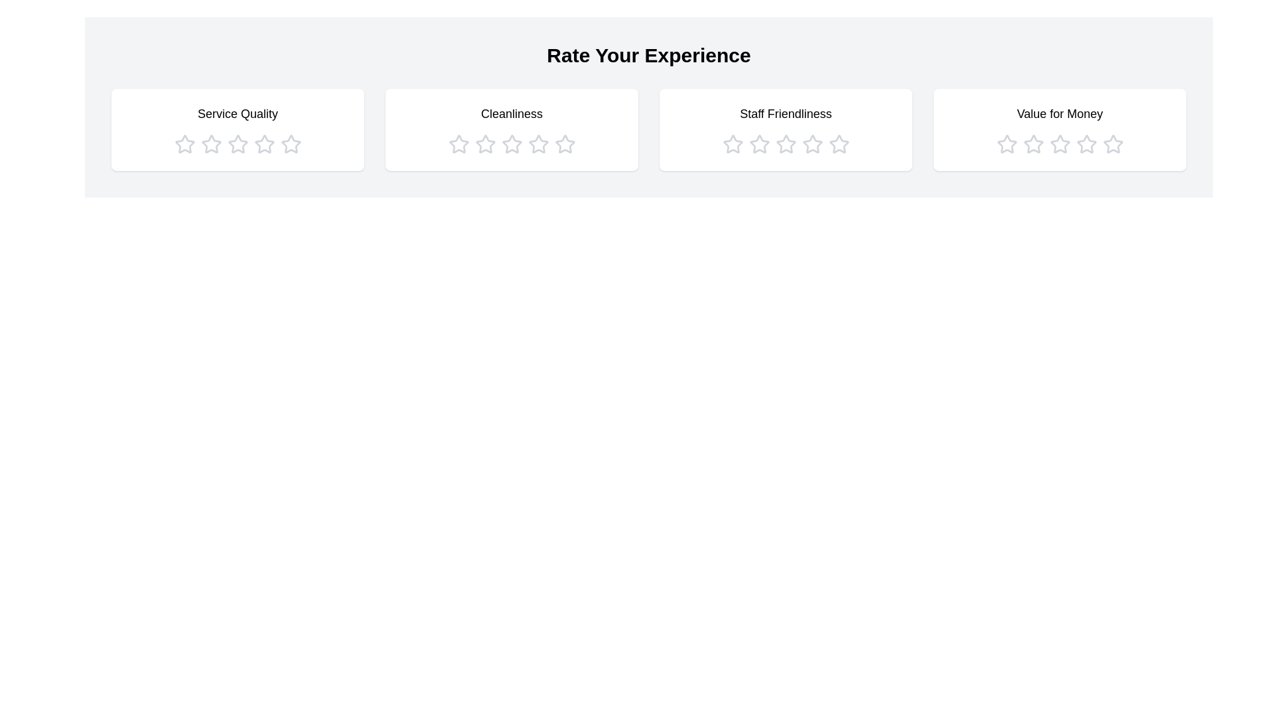  I want to click on the star icon corresponding to 3 stars in the category Cleanliness, so click(511, 145).